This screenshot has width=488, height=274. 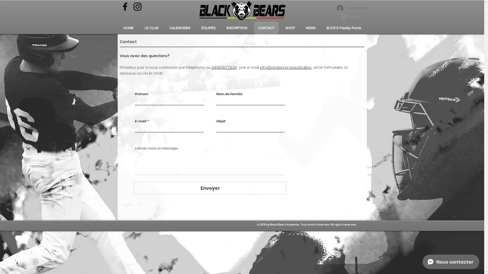 What do you see at coordinates (310, 28) in the screenshot?
I see `'NEWS'` at bounding box center [310, 28].